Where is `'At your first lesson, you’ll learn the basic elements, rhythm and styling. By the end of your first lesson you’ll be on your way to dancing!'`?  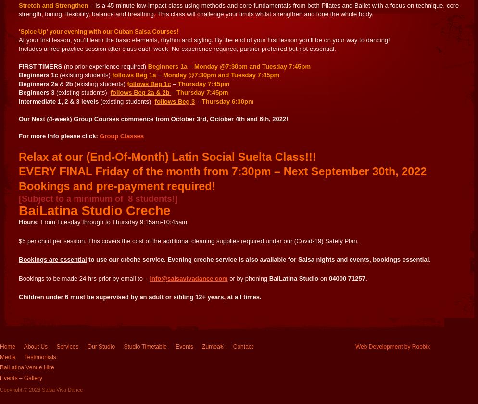 'At your first lesson, you’ll learn the basic elements, rhythm and styling. By the end of your first lesson you’ll be on your way to dancing!' is located at coordinates (18, 39).